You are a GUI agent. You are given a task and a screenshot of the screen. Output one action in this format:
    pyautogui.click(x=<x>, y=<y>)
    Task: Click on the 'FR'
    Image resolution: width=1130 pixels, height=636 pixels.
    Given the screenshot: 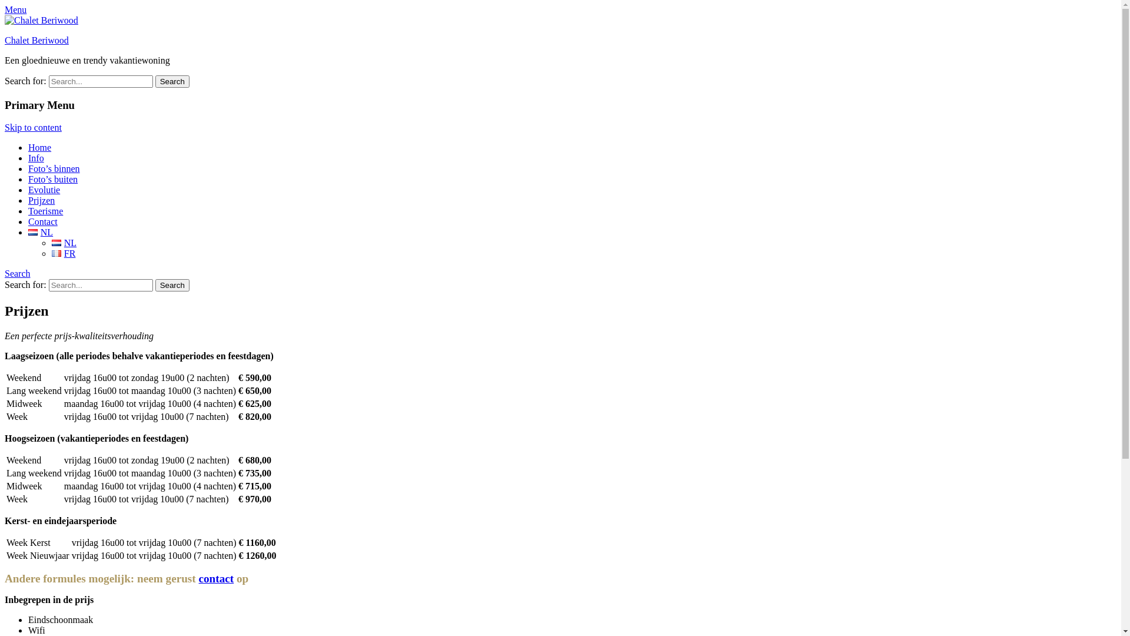 What is the action you would take?
    pyautogui.click(x=62, y=253)
    